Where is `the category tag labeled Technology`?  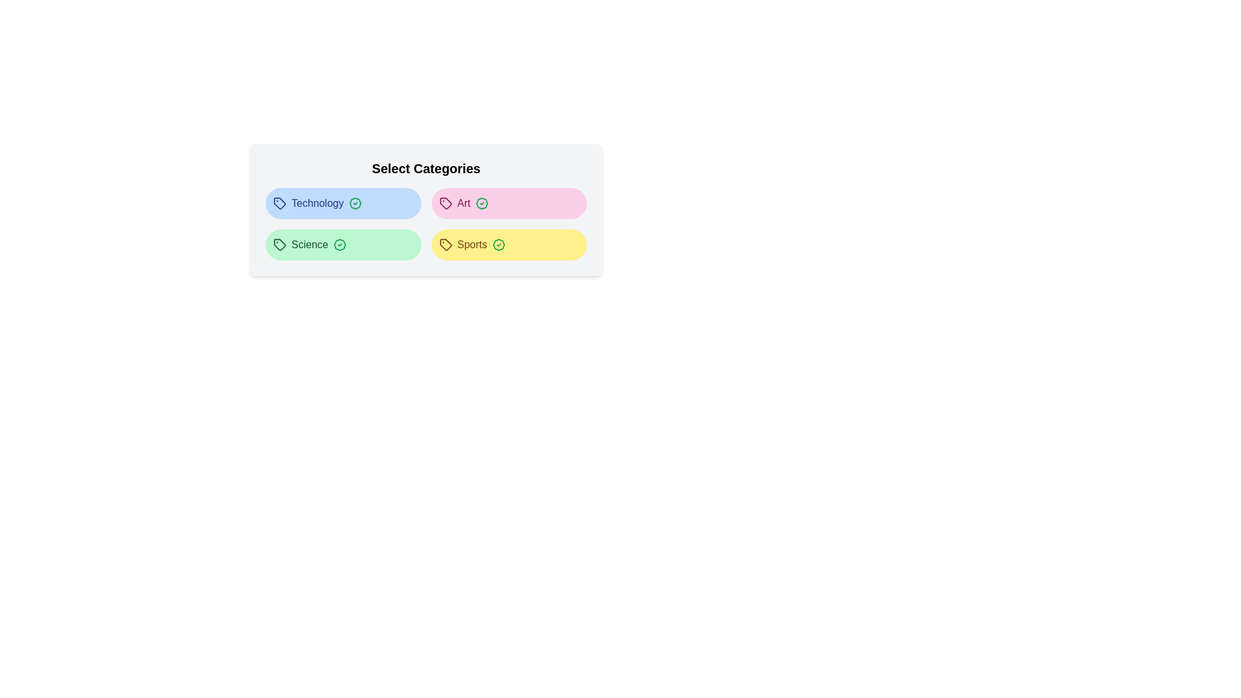 the category tag labeled Technology is located at coordinates (343, 204).